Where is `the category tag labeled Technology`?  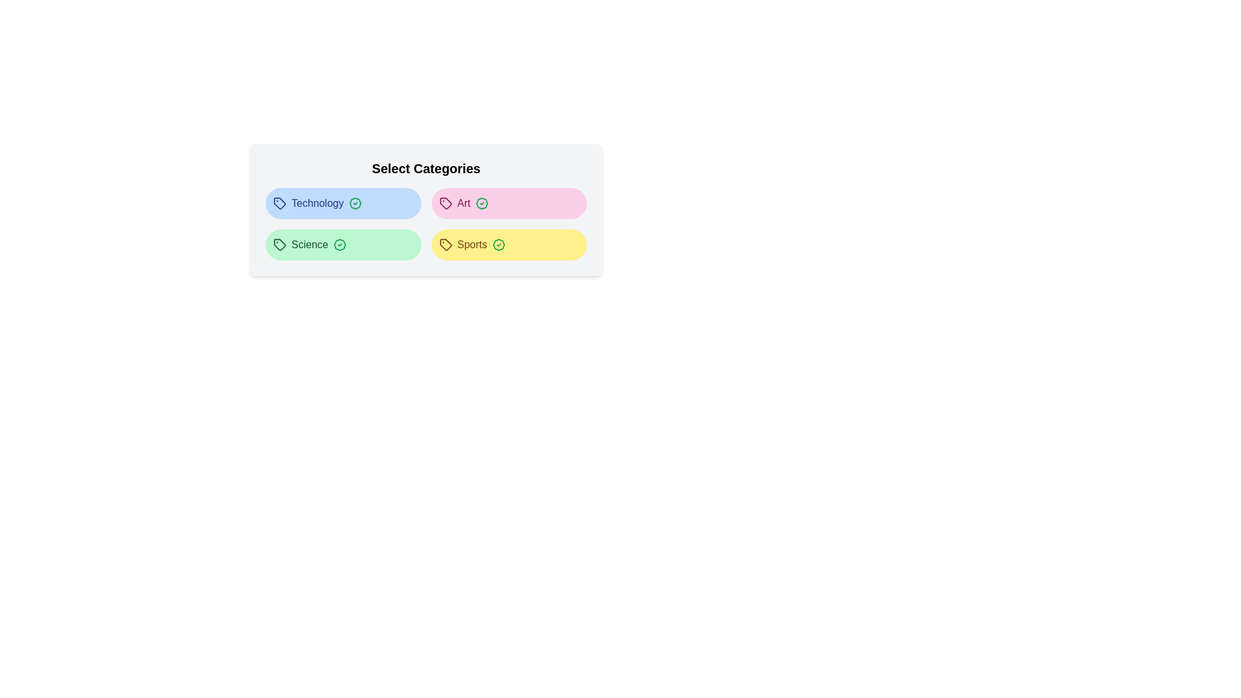 the category tag labeled Technology is located at coordinates (343, 204).